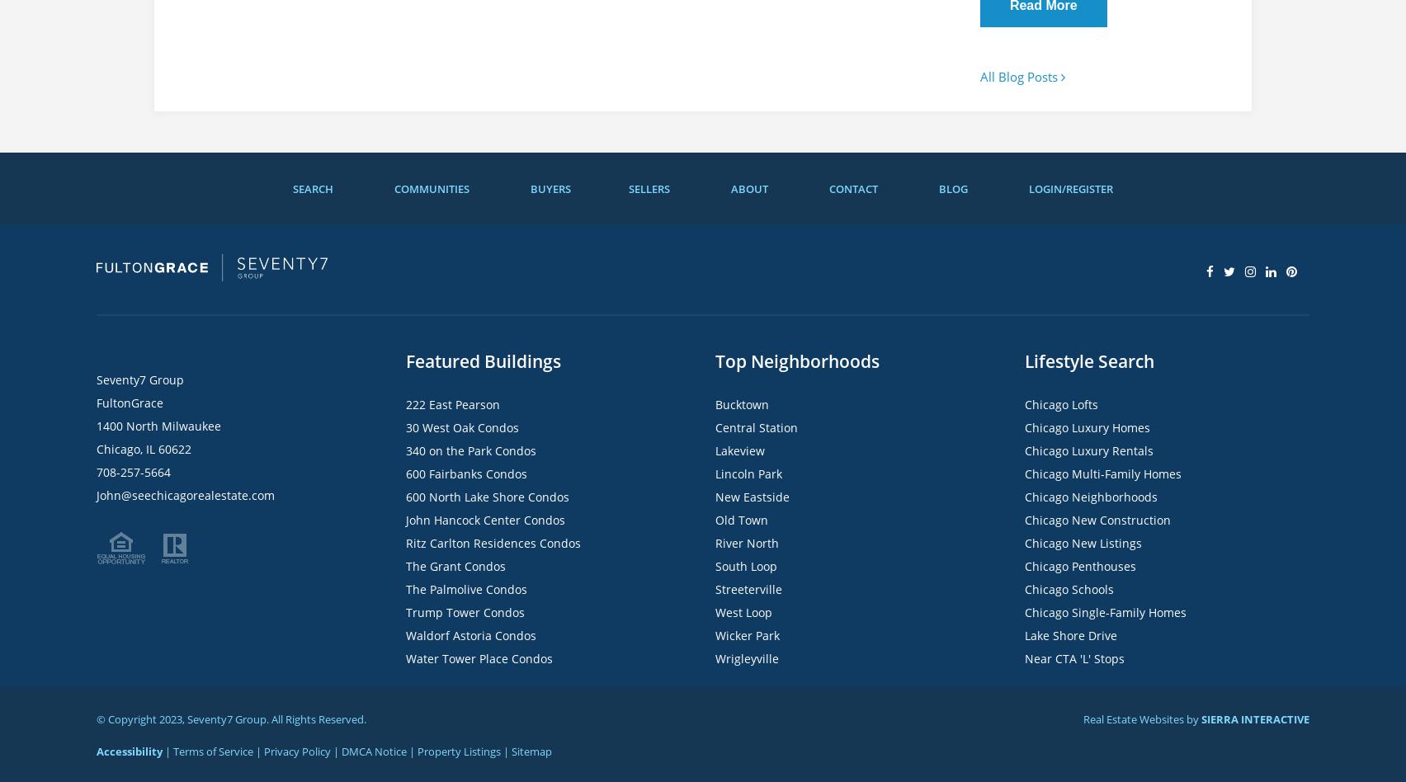 Image resolution: width=1406 pixels, height=782 pixels. Describe the element at coordinates (140, 379) in the screenshot. I see `'Seventy7 Group'` at that location.